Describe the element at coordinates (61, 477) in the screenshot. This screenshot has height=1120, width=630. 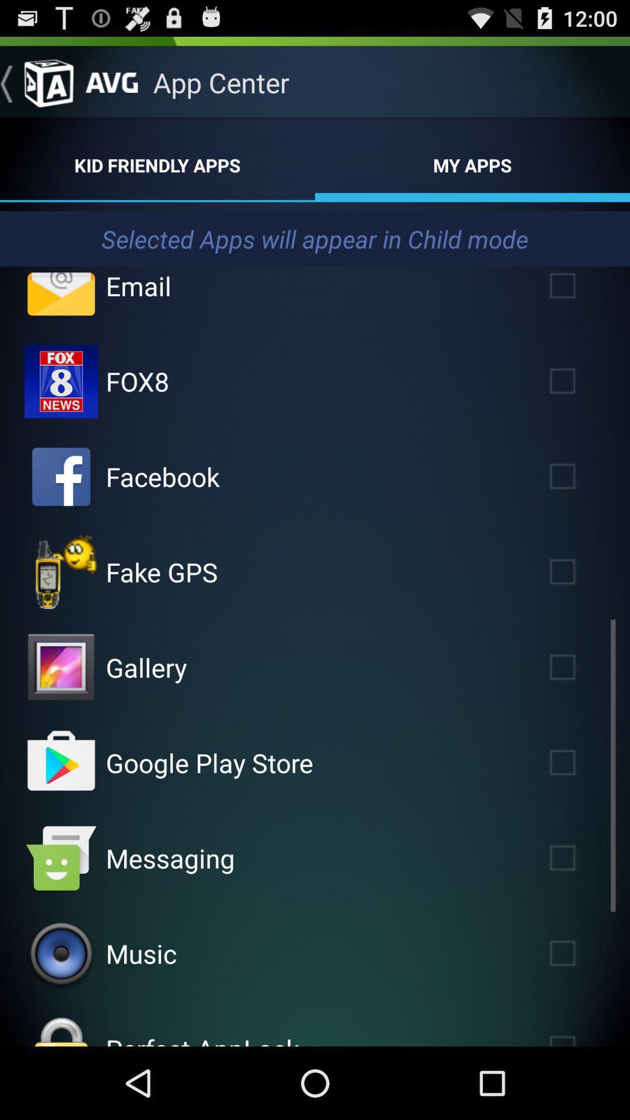
I see `facebook child mode` at that location.